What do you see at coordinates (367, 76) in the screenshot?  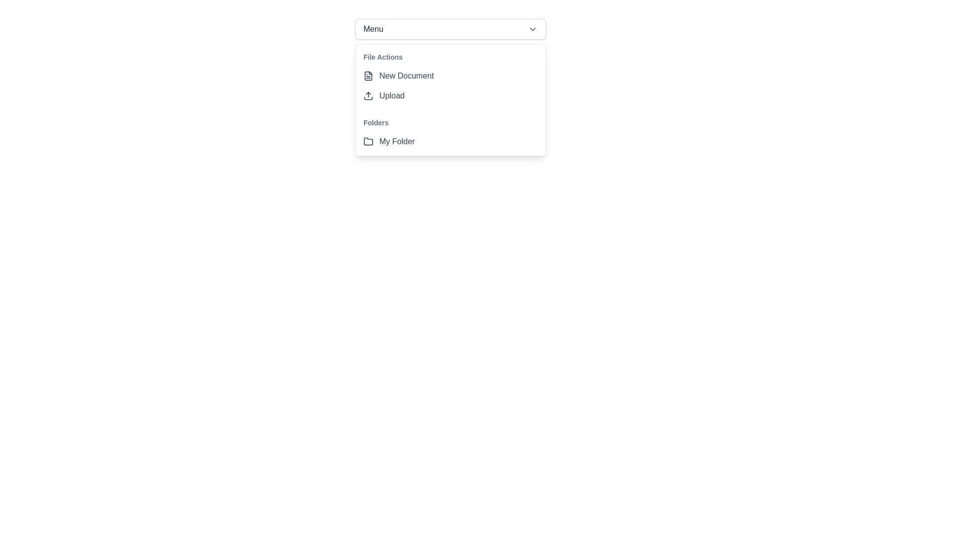 I see `the document icon located at the top-left section of the dropdown panel under the 'File Actions' heading` at bounding box center [367, 76].